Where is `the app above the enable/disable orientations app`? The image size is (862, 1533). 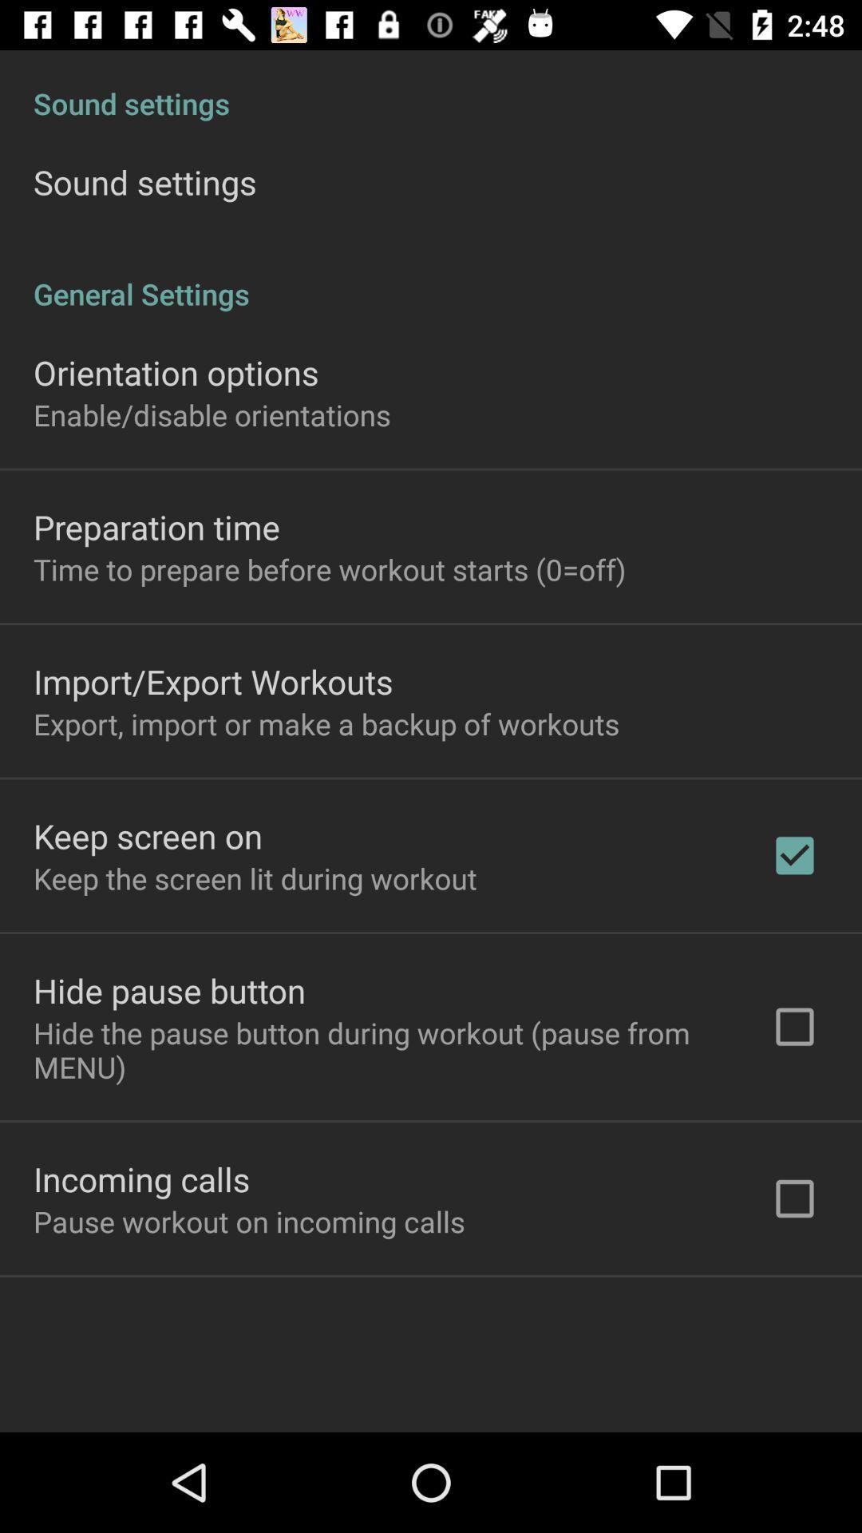
the app above the enable/disable orientations app is located at coordinates (176, 371).